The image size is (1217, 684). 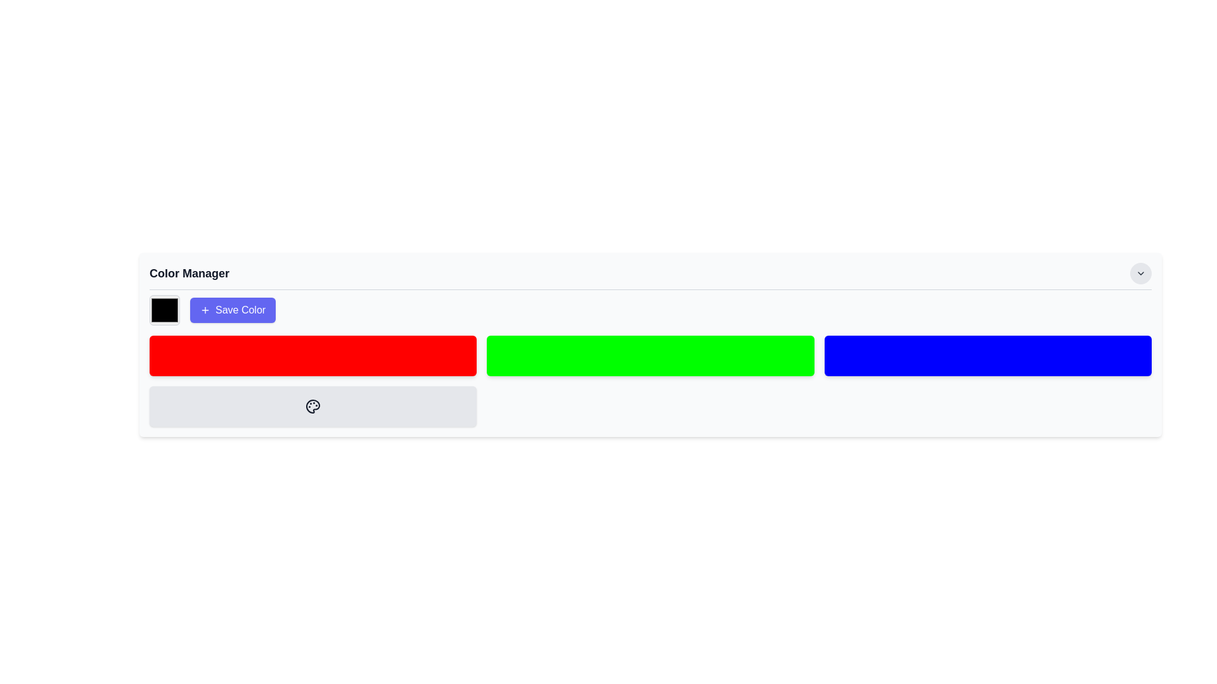 I want to click on the small circular button with a light gray background and a dark gray downward-pointing chevron icon located in the top-right corner of the 'Color Manager' section, so click(x=1141, y=273).